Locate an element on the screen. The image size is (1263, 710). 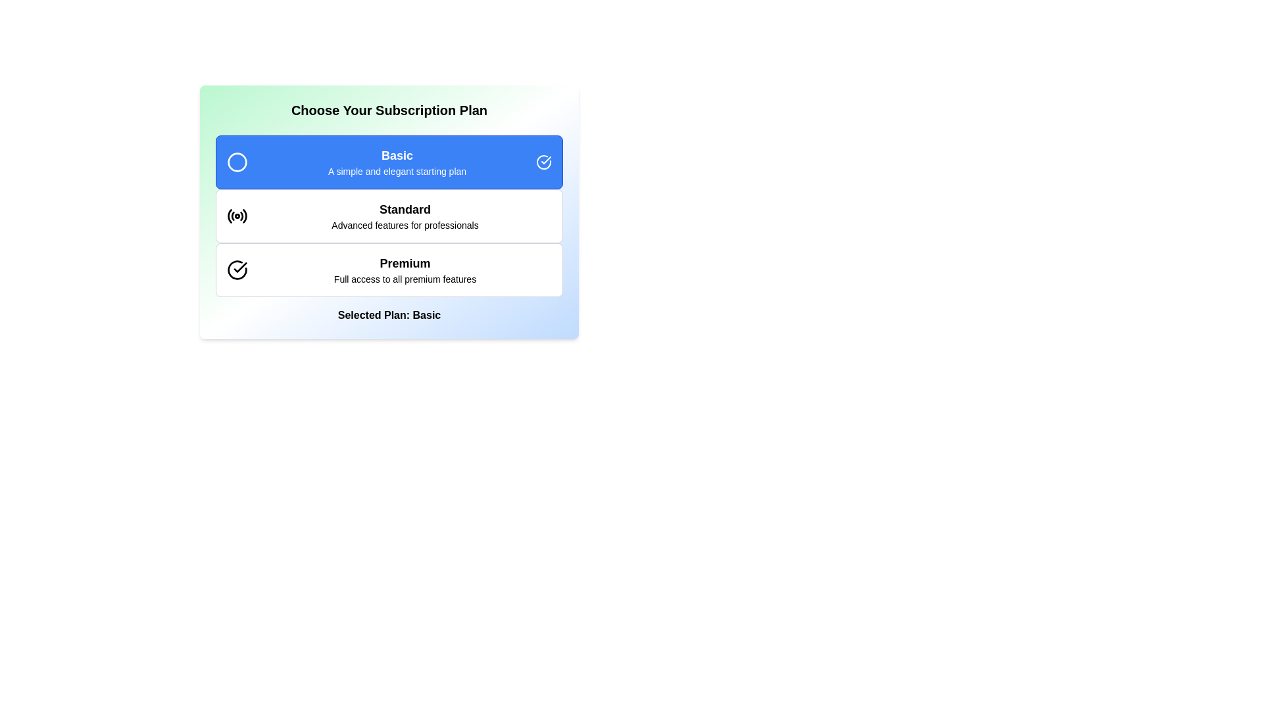
the check mark icon indicating the selected state of the 'Basic' subscription plan, located at the right side of the 'Basic' option in the subscription plan interface is located at coordinates (546, 159).